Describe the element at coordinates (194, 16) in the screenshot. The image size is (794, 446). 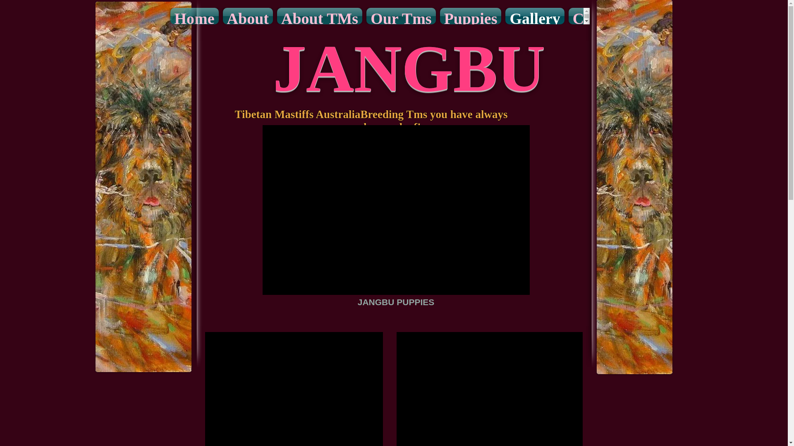
I see `'Home'` at that location.